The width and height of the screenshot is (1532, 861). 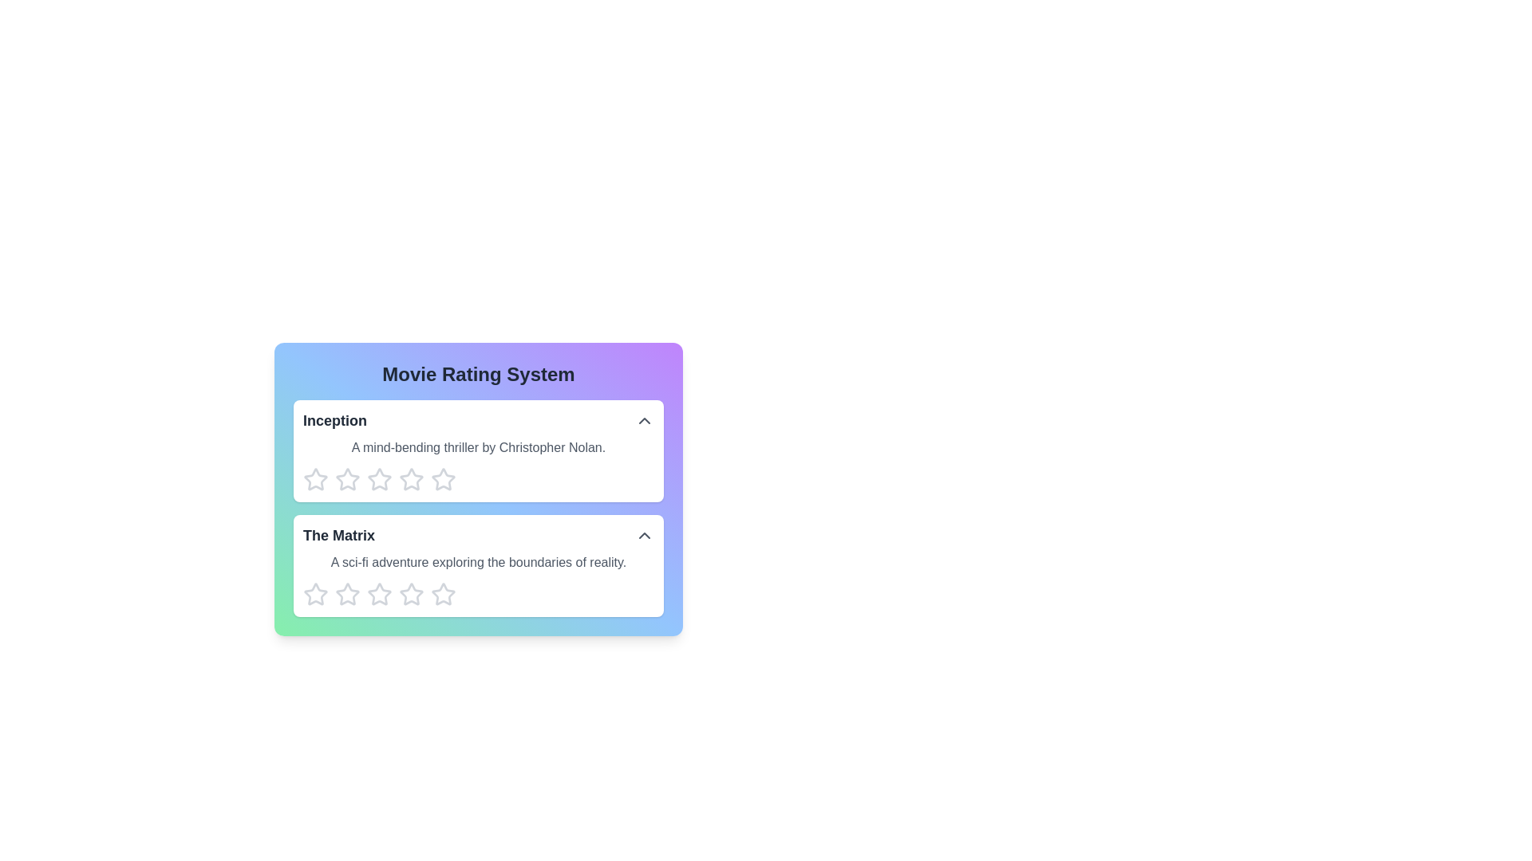 What do you see at coordinates (378, 478) in the screenshot?
I see `the fourth interactive rating star icon to rate the movie 'Inception'` at bounding box center [378, 478].